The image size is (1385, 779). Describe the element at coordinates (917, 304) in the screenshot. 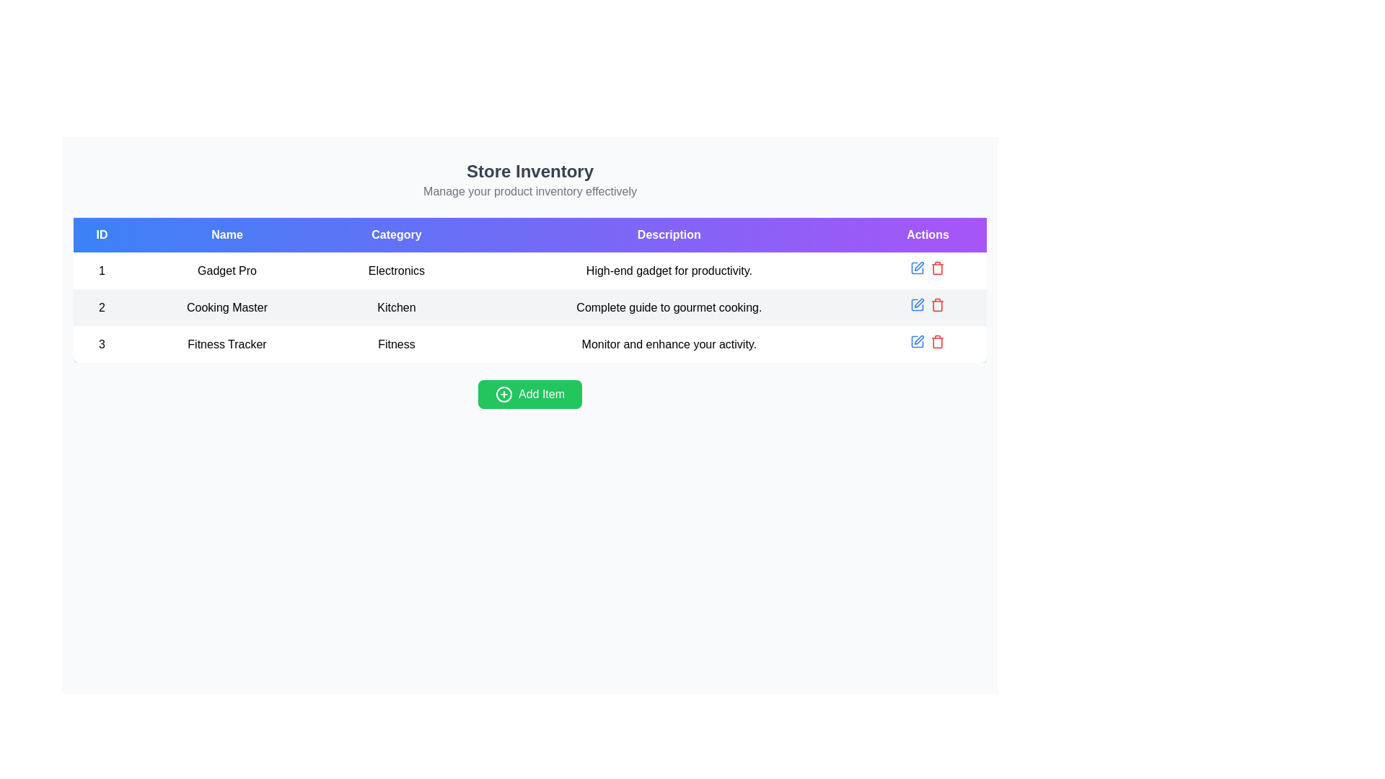

I see `the blue writing pen icon button located in the 'Actions' column of the second row of the product table` at that location.